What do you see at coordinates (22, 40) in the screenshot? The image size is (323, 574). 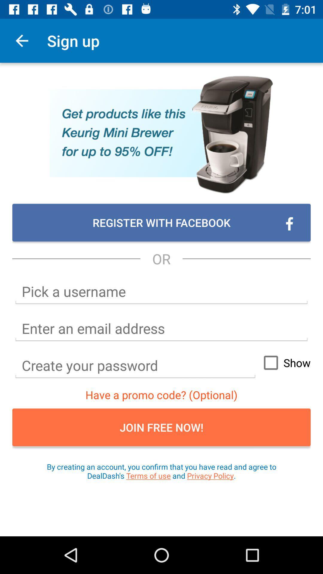 I see `app next to sign up icon` at bounding box center [22, 40].